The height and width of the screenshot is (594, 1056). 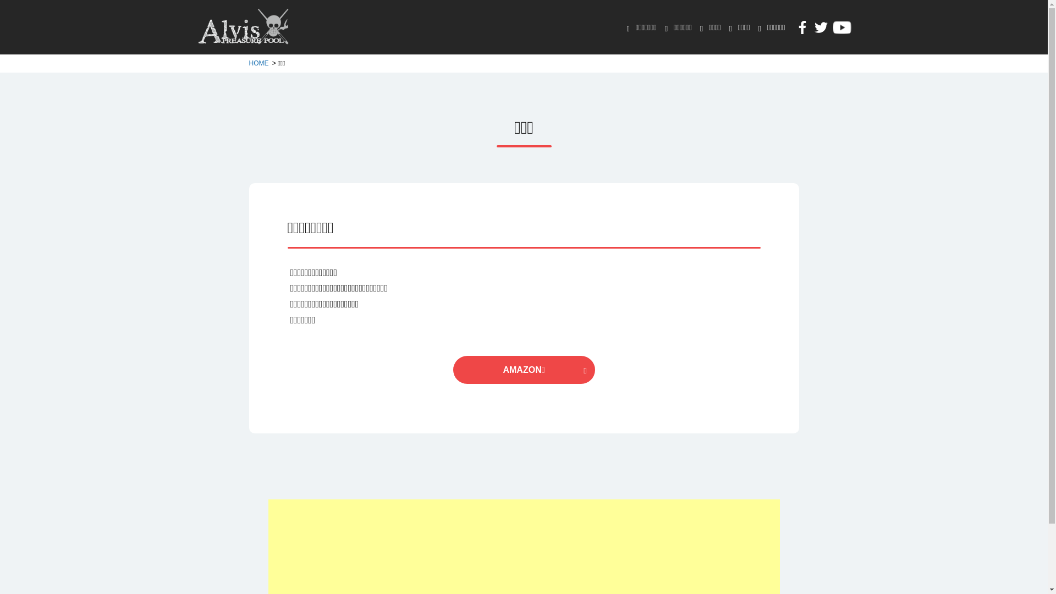 What do you see at coordinates (258, 63) in the screenshot?
I see `'HOME'` at bounding box center [258, 63].